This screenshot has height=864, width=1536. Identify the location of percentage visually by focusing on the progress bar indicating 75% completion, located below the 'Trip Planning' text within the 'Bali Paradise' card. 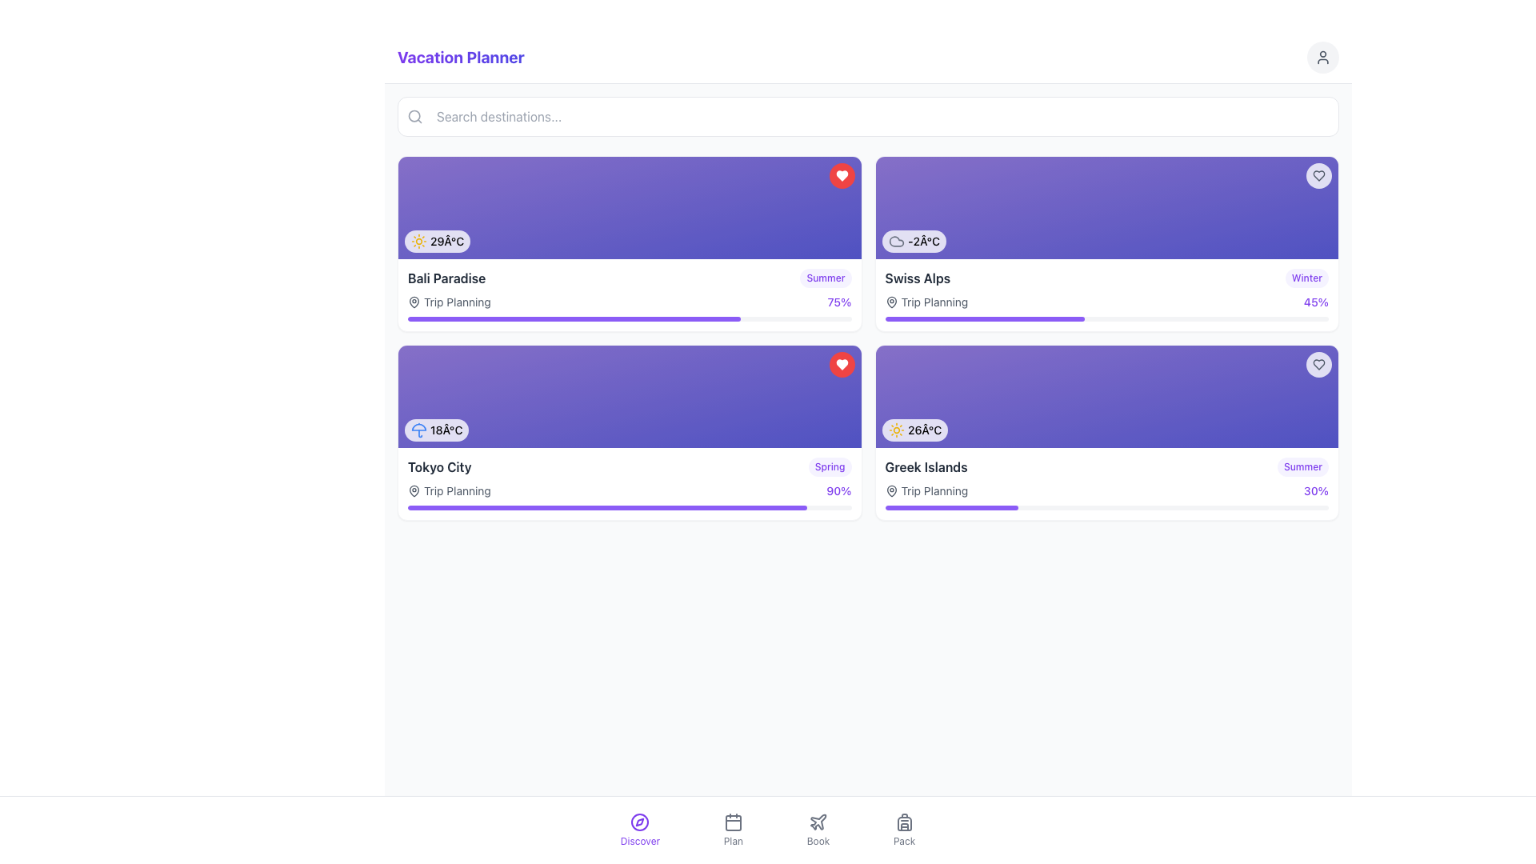
(629, 318).